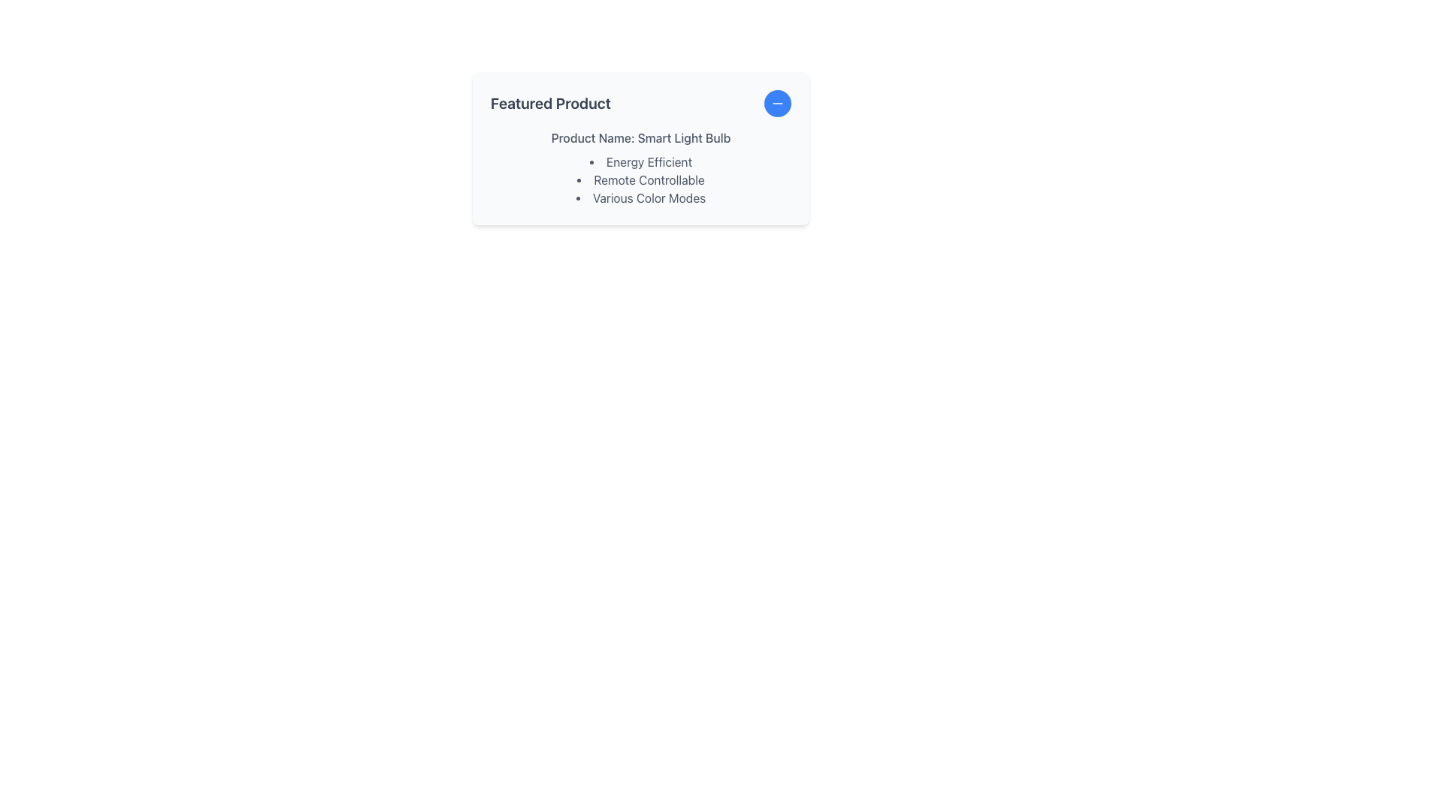 The height and width of the screenshot is (811, 1443). What do you see at coordinates (641, 179) in the screenshot?
I see `the list item displaying 'Remote Controllable' in a dark gray font, which is the second item in a bulleted list under the title 'Product Name: Smart Light Bulb'` at bounding box center [641, 179].